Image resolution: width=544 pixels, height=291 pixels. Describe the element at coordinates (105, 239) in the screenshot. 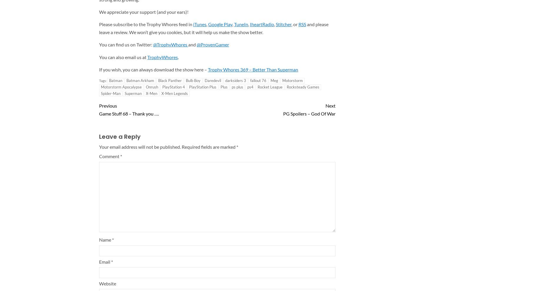

I see `'Name'` at that location.